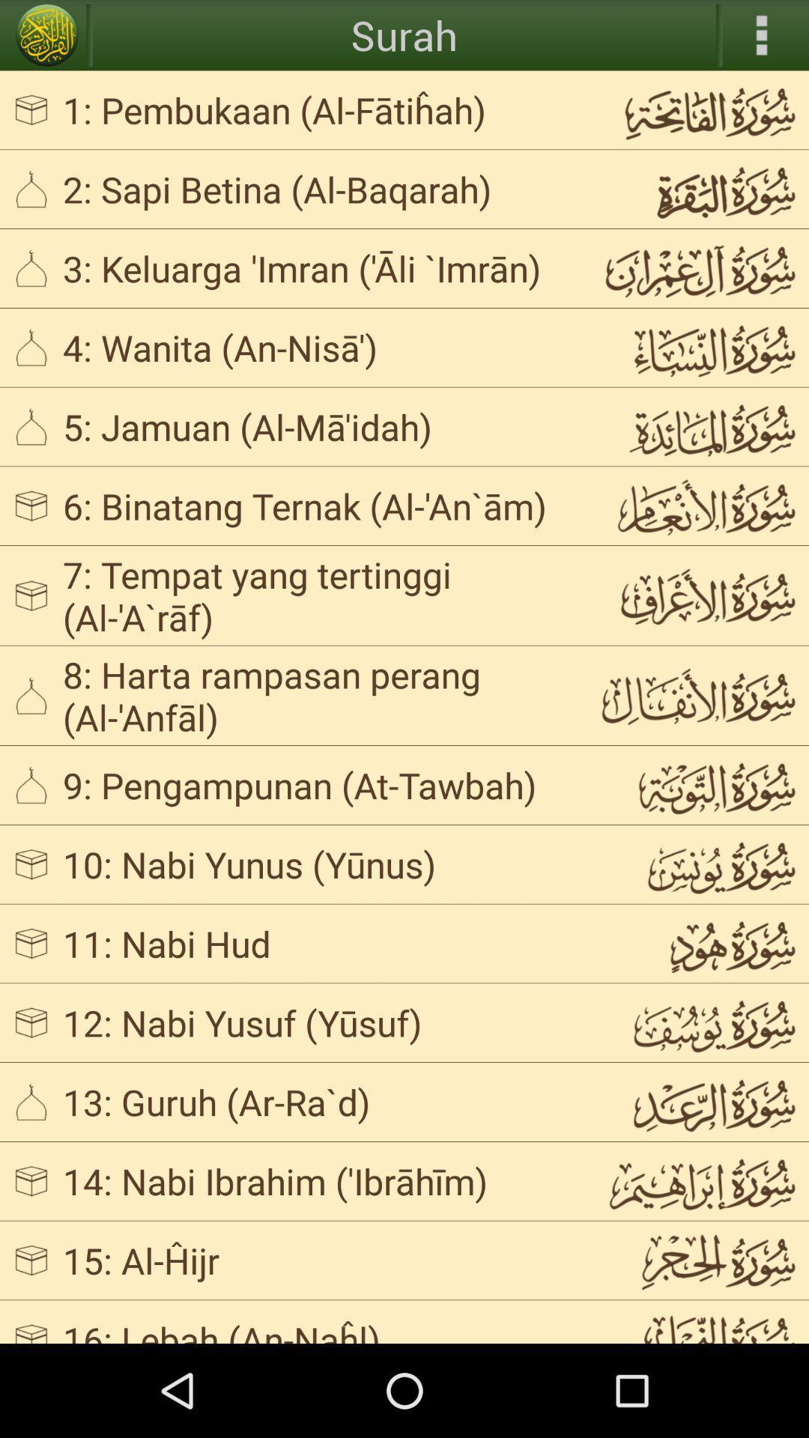 This screenshot has height=1438, width=809. I want to click on 6 binatang ternak item, so click(318, 506).